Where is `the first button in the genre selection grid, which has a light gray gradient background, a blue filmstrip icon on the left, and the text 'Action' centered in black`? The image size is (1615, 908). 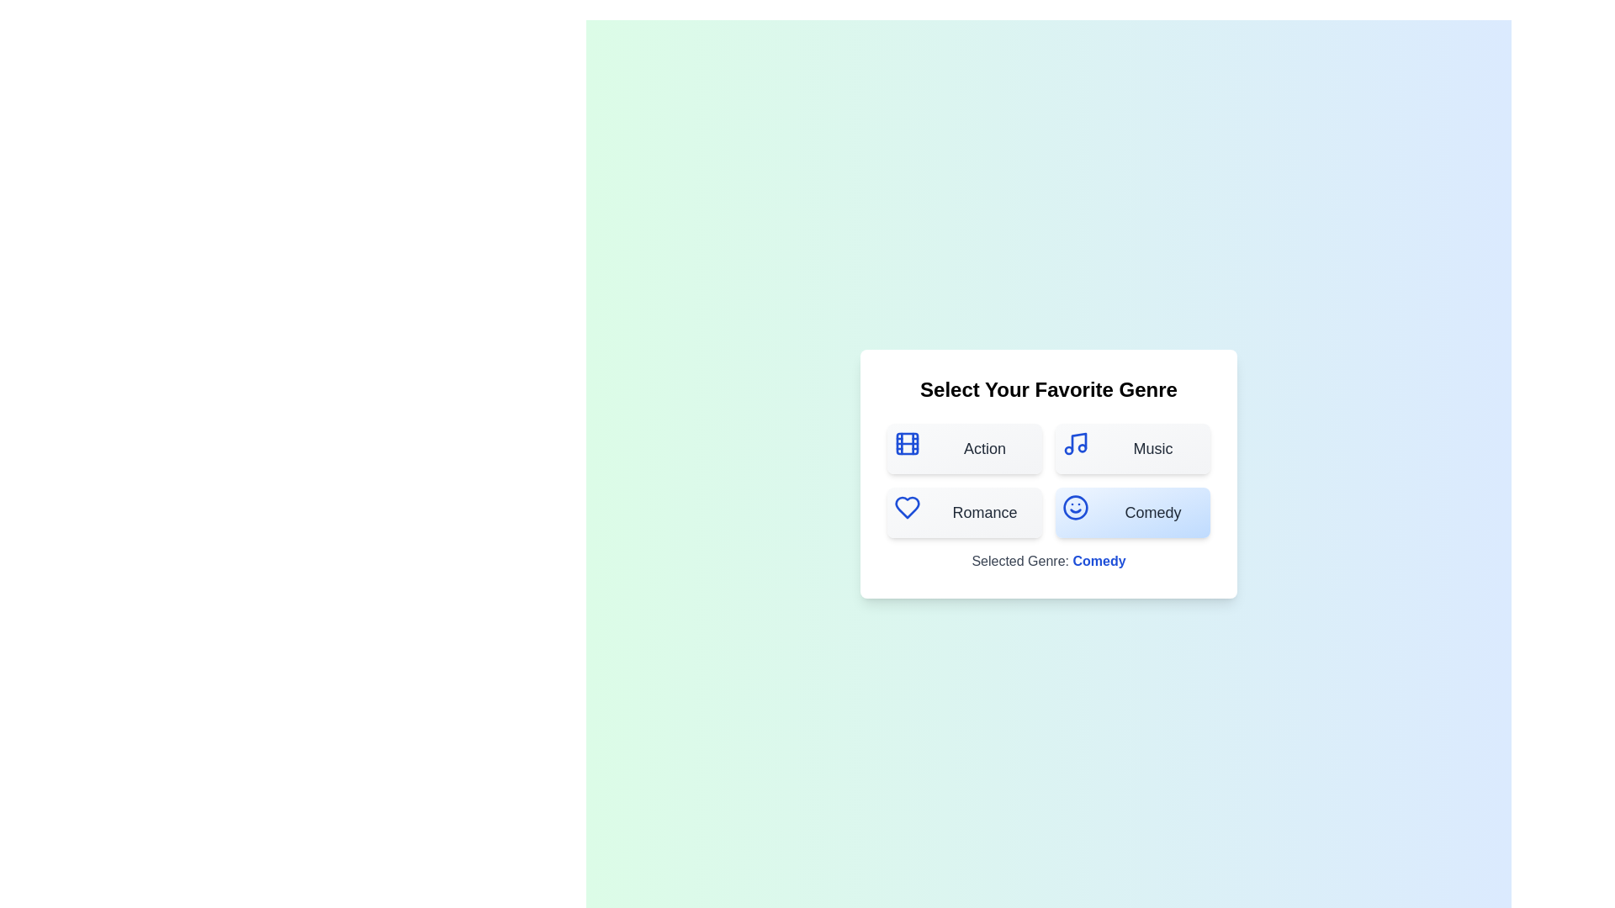
the first button in the genre selection grid, which has a light gray gradient background, a blue filmstrip icon on the left, and the text 'Action' centered in black is located at coordinates (965, 447).